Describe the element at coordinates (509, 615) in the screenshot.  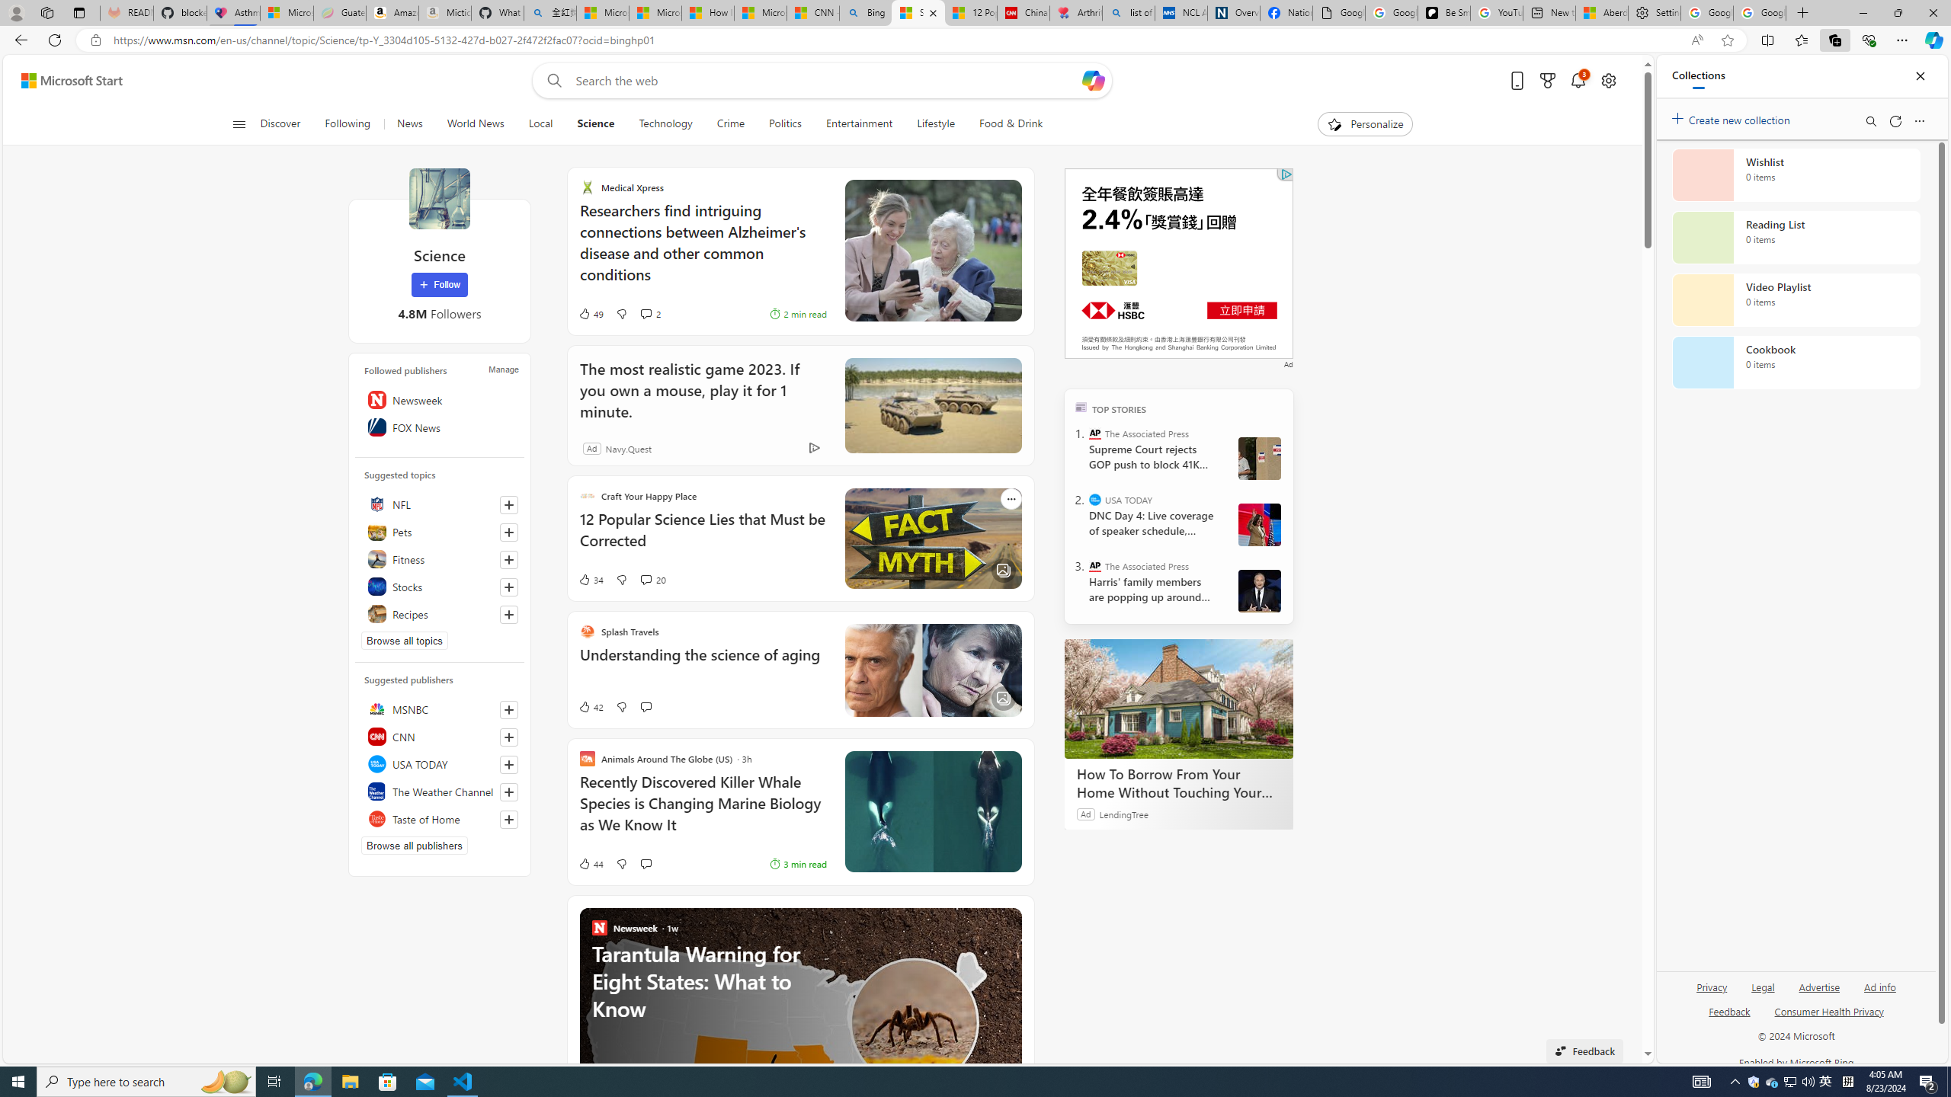
I see `'Follow this topic'` at that location.